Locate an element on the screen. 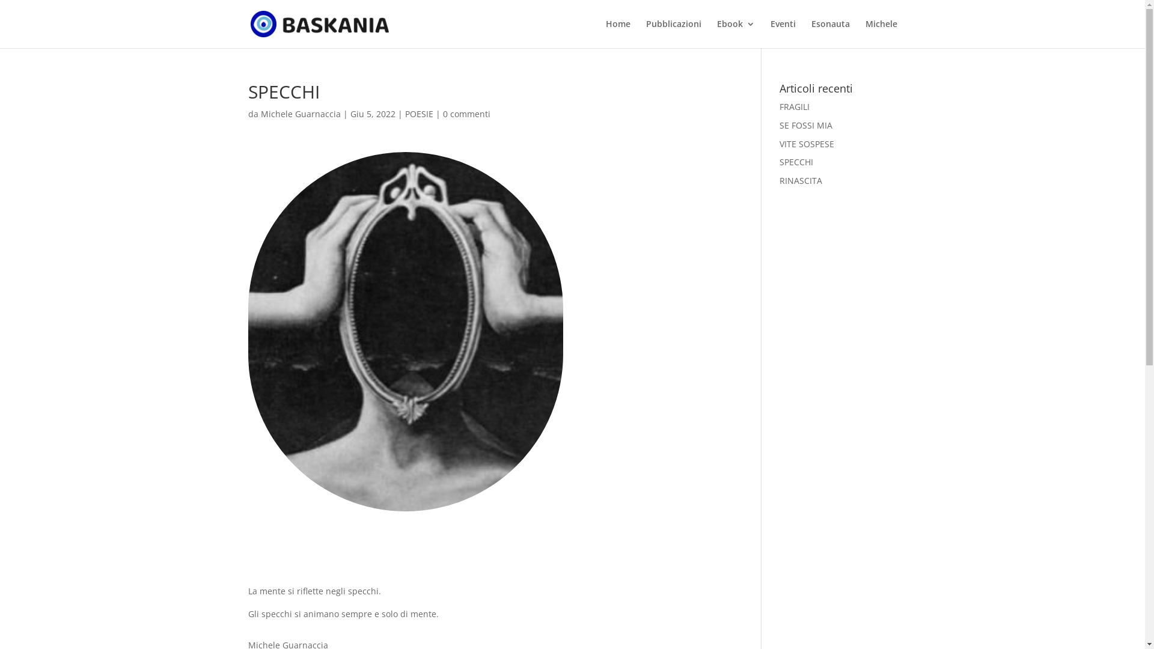 This screenshot has width=1154, height=649. 'RINASCITA' is located at coordinates (801, 180).